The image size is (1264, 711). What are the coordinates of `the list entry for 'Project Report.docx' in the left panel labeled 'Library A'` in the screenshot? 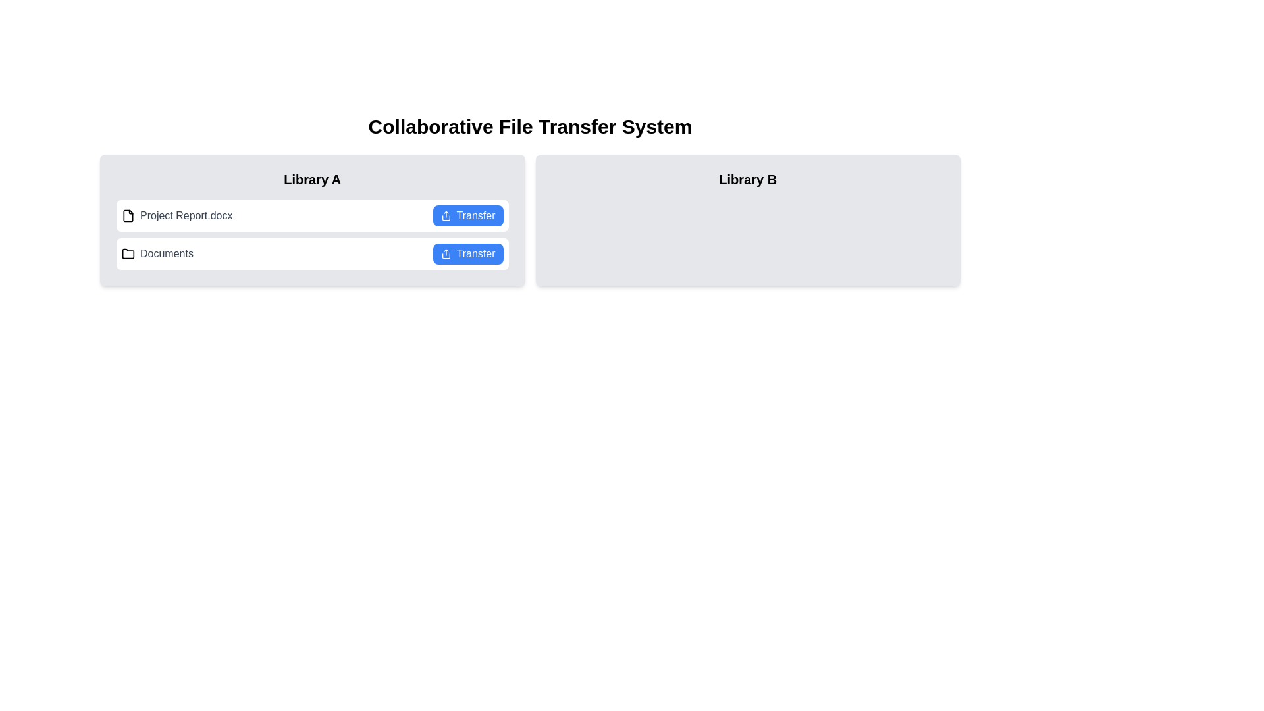 It's located at (311, 220).